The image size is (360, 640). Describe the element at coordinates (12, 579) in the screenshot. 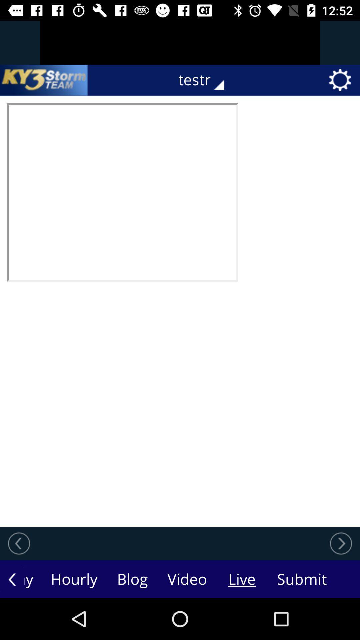

I see `the arrow_backward icon` at that location.